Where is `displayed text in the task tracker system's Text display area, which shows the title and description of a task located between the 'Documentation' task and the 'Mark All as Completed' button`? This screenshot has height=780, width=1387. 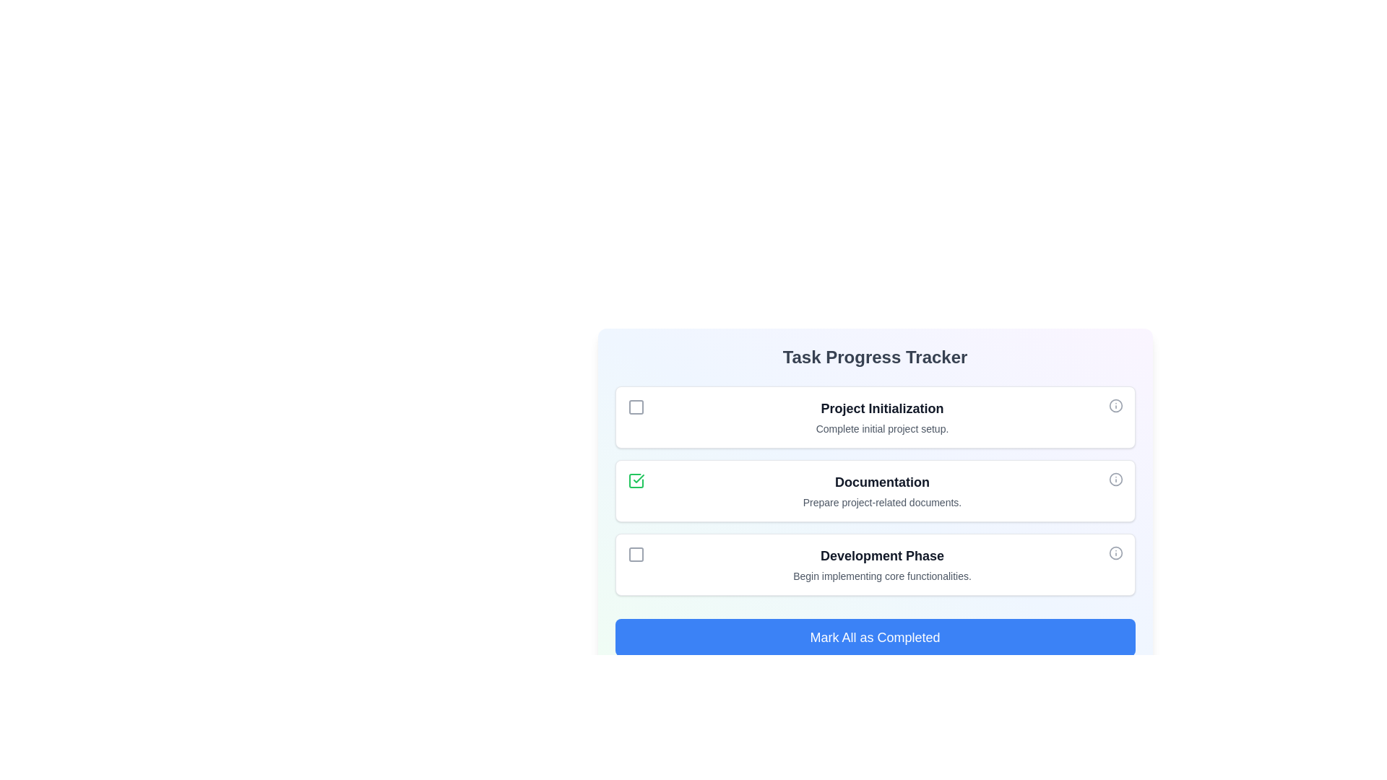
displayed text in the task tracker system's Text display area, which shows the title and description of a task located between the 'Documentation' task and the 'Mark All as Completed' button is located at coordinates (881, 564).